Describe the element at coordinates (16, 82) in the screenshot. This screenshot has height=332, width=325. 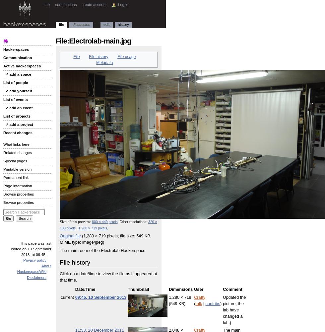
I see `'List of people'` at that location.